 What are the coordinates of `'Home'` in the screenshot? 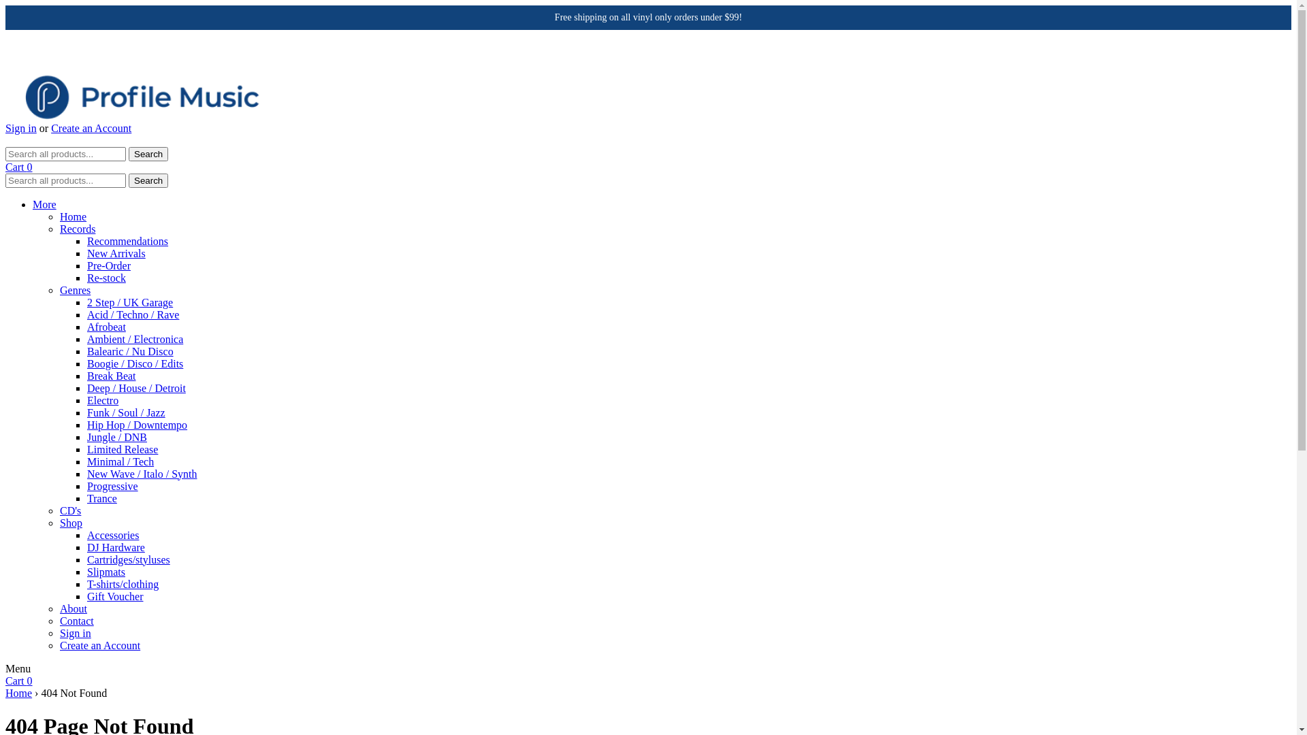 It's located at (5, 693).